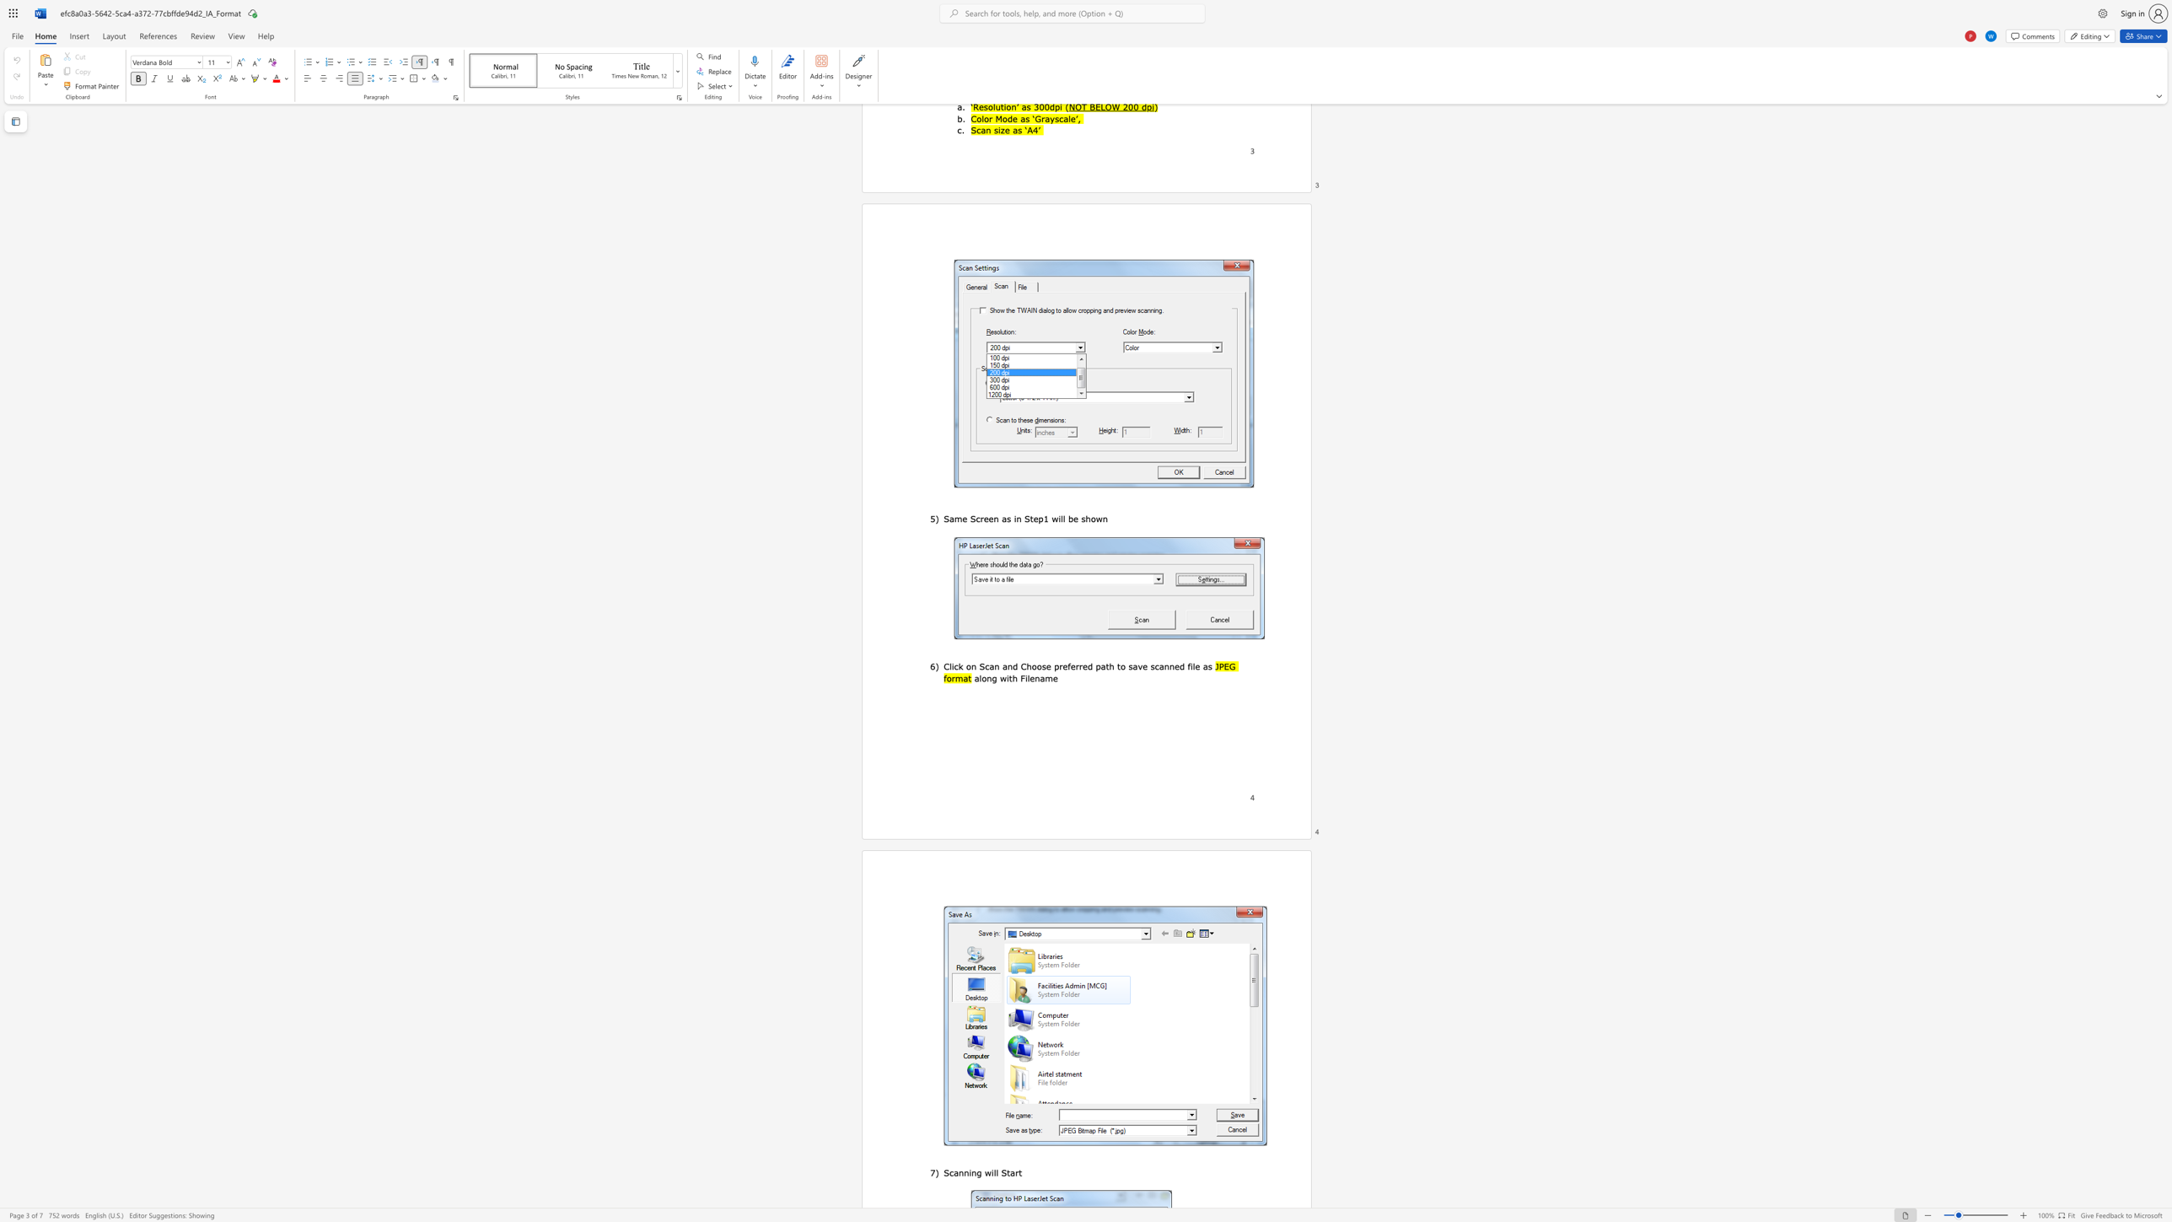 Image resolution: width=2172 pixels, height=1222 pixels. What do you see at coordinates (999, 678) in the screenshot?
I see `the subset text "with Filena" within the text "along with Filename"` at bounding box center [999, 678].